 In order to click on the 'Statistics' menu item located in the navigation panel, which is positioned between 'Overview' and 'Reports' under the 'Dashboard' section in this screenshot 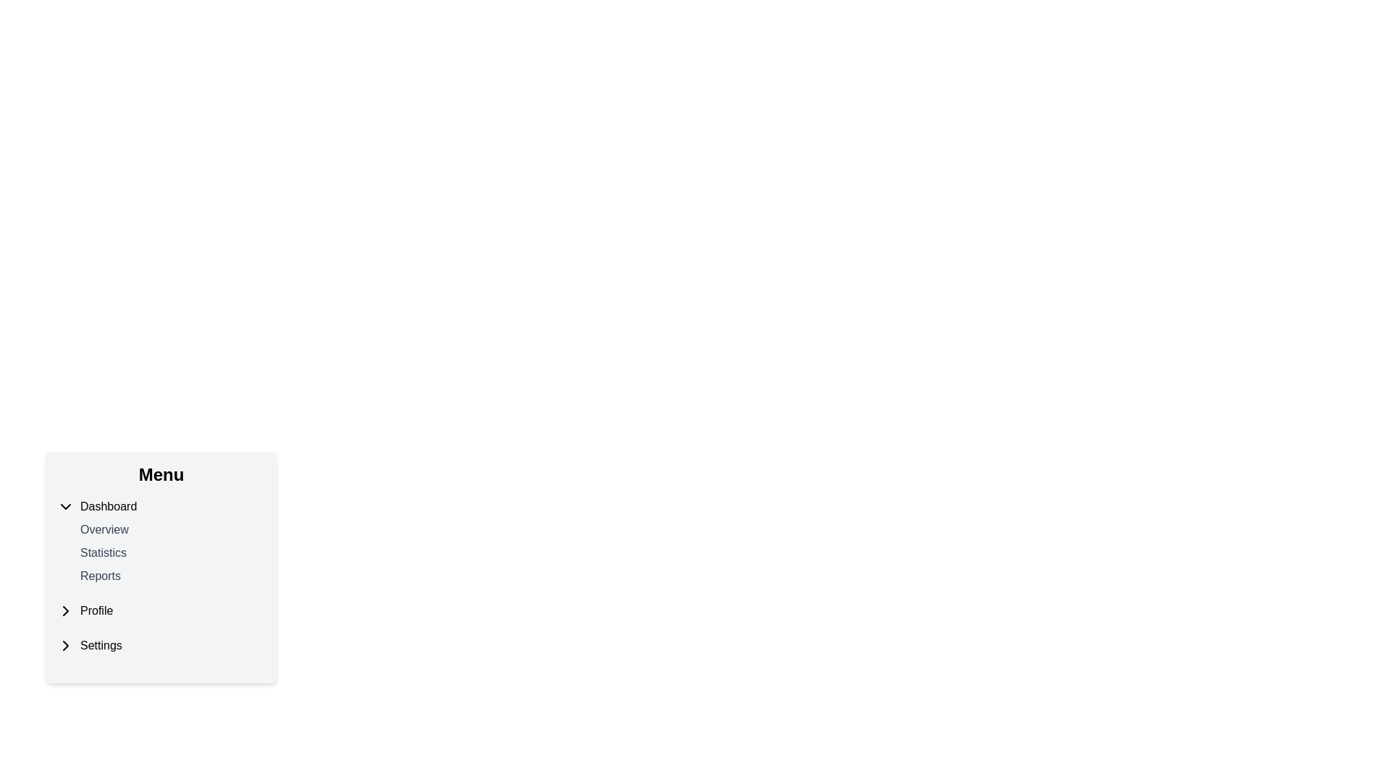, I will do `click(170, 552)`.